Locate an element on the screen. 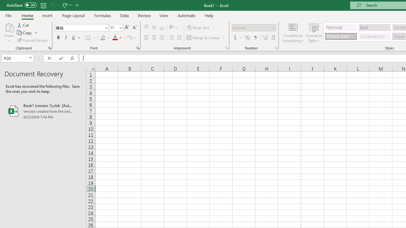 This screenshot has height=228, width=406. 'Orientation' is located at coordinates (174, 27).